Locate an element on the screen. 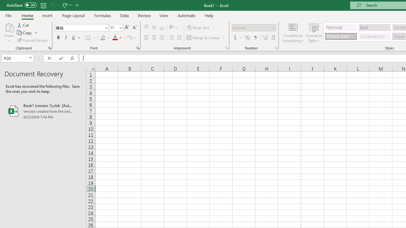 This screenshot has height=228, width=406. 'Orientation' is located at coordinates (174, 27).